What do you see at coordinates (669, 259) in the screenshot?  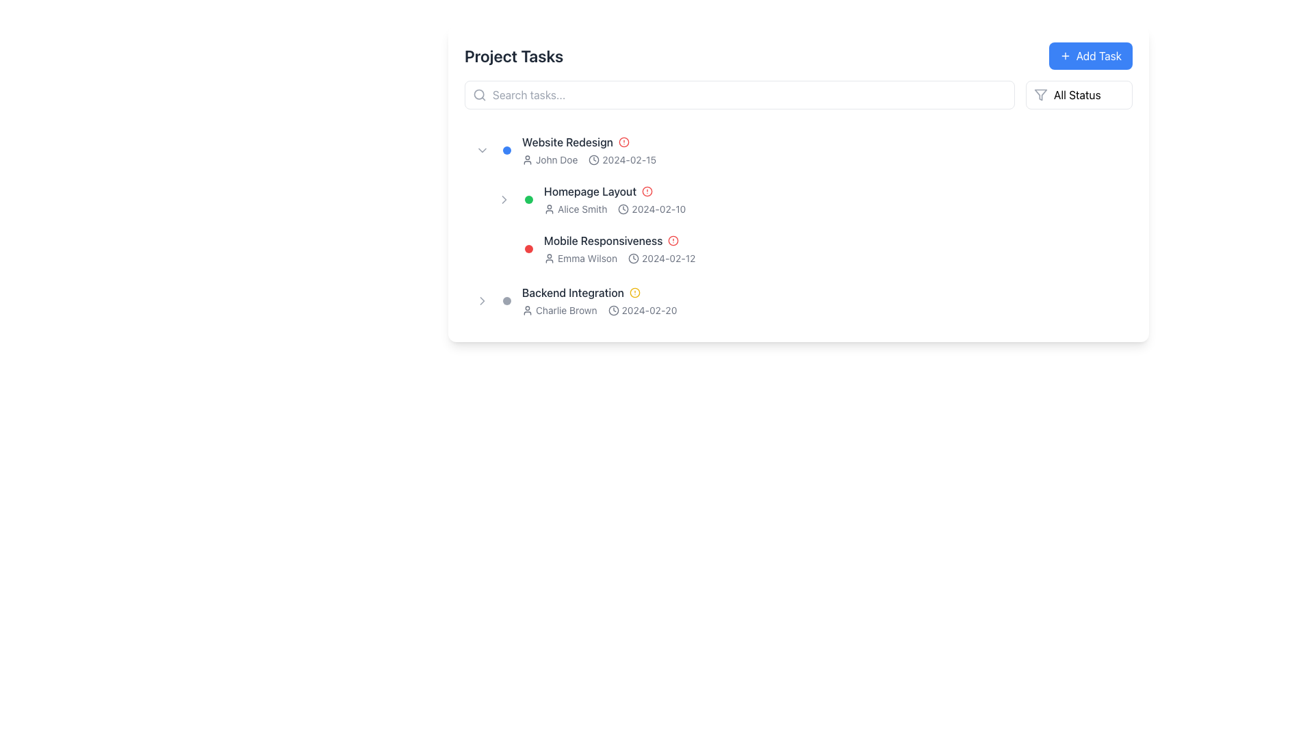 I see `date displayed as '2024-02-12' in the Text element located in the 'Mobile Responsiveness' task row under the 'Project Tasks' section, positioned to the right of Emma Wilson's name and after a clock icon` at bounding box center [669, 259].